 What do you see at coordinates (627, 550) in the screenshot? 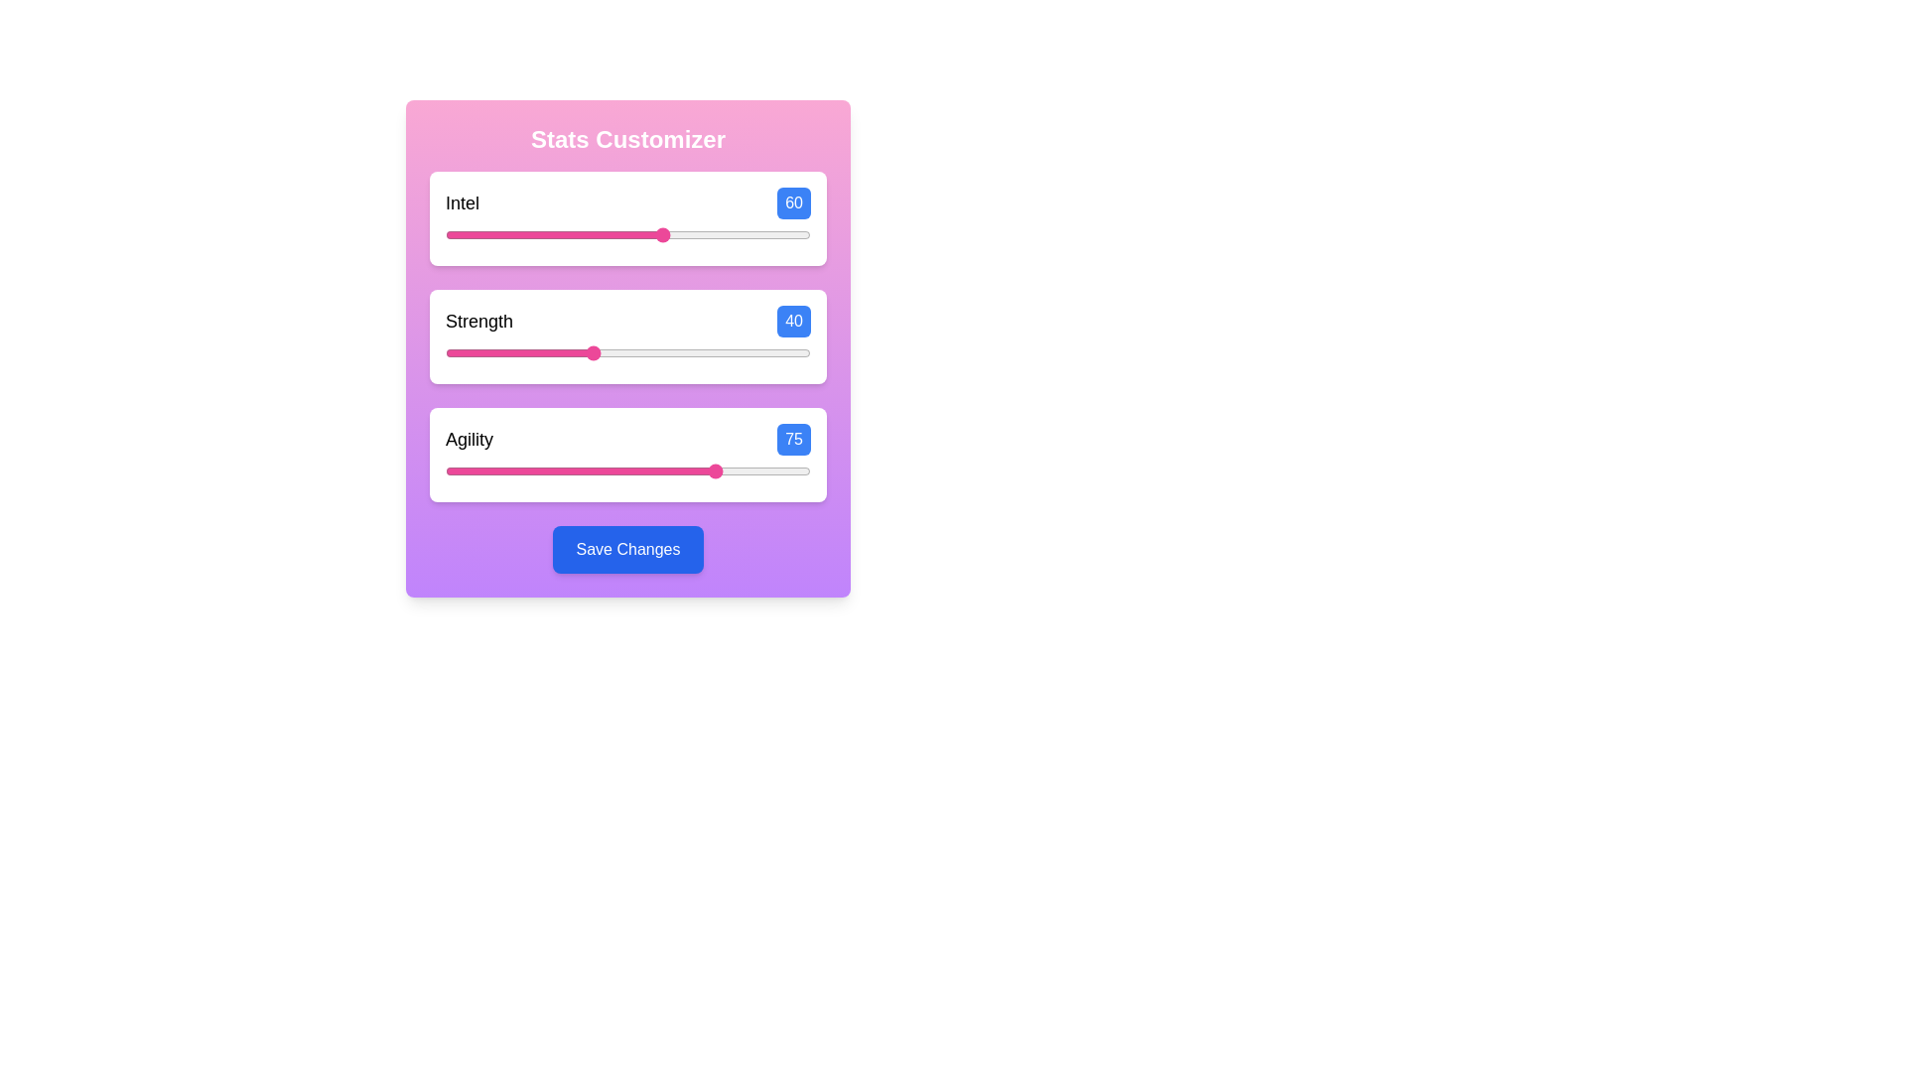
I see `the 'Save Changes' button, which is a rectangular button with a blue background and white text, located at the lower part of the 'Stats Customizer' panel, below the sliders for 'Intel', 'Strength', and 'Agility'` at bounding box center [627, 550].